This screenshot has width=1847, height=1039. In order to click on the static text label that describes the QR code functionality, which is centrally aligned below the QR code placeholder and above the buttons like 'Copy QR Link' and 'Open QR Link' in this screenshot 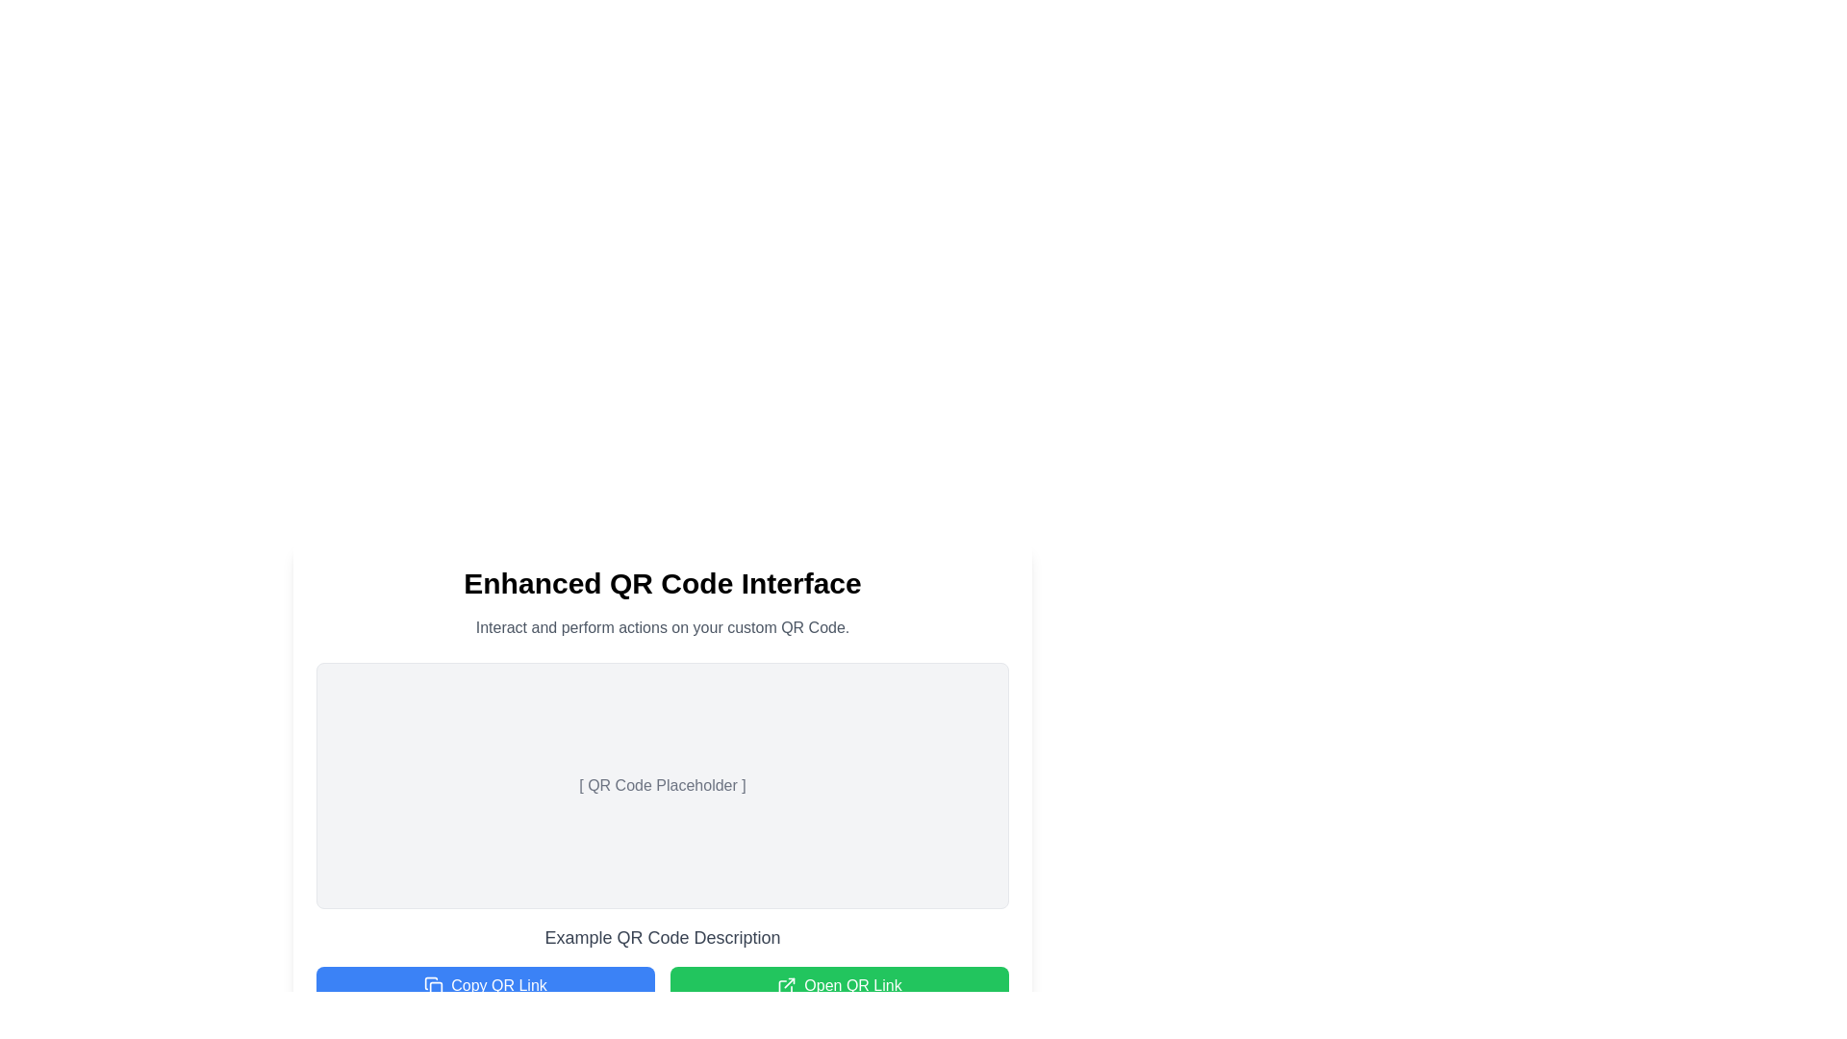, I will do `click(663, 937)`.